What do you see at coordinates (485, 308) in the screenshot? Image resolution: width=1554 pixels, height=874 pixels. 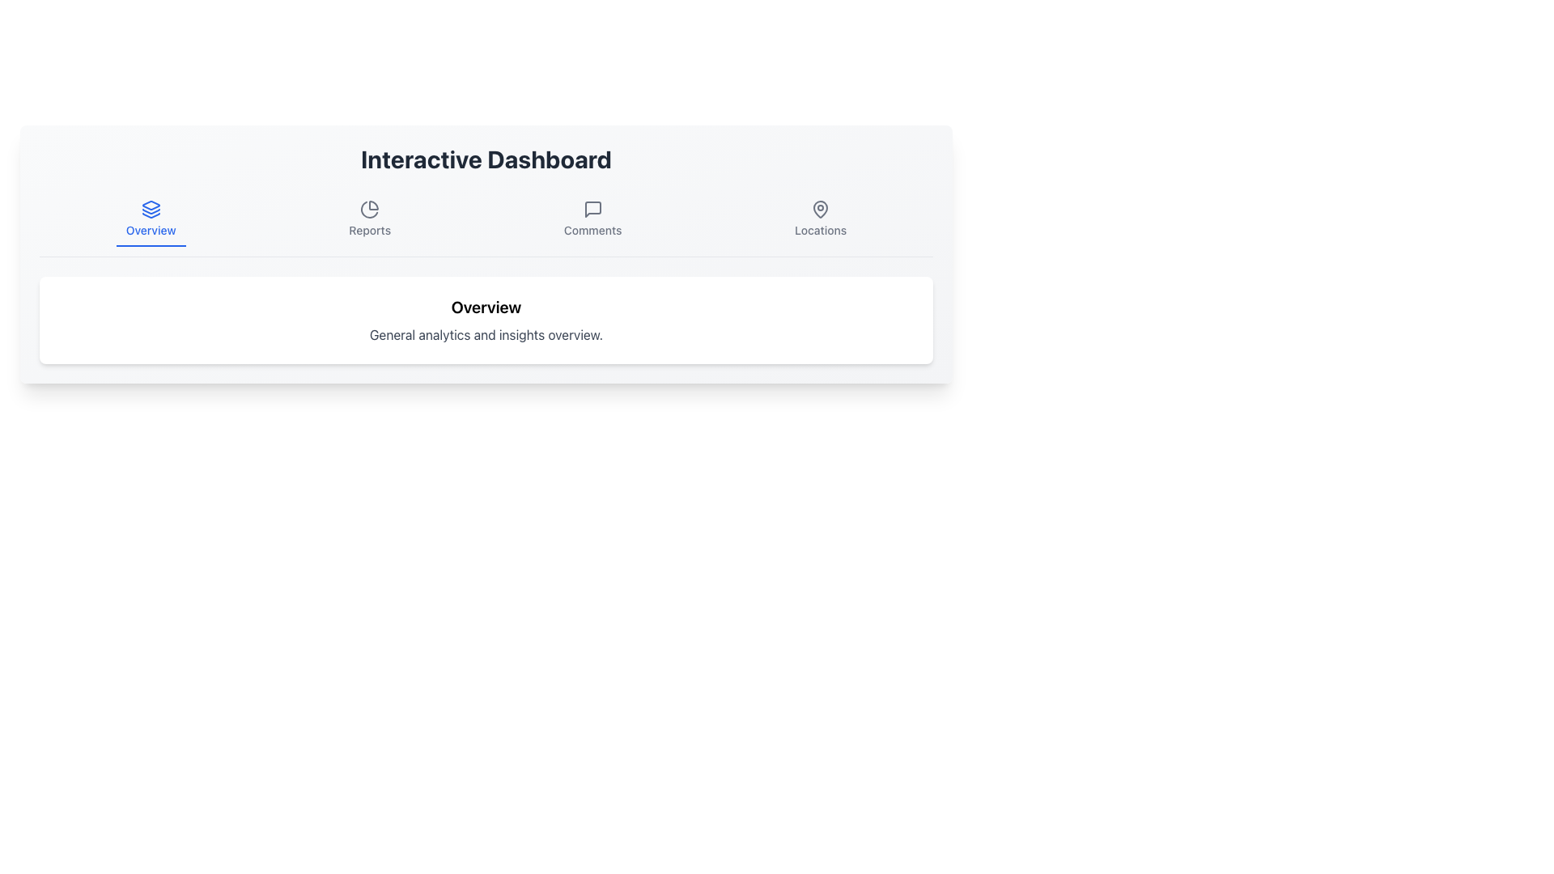 I see `the bold and large text label that contains the word 'Overview', which is centrally positioned above the descriptive sentence` at bounding box center [485, 308].